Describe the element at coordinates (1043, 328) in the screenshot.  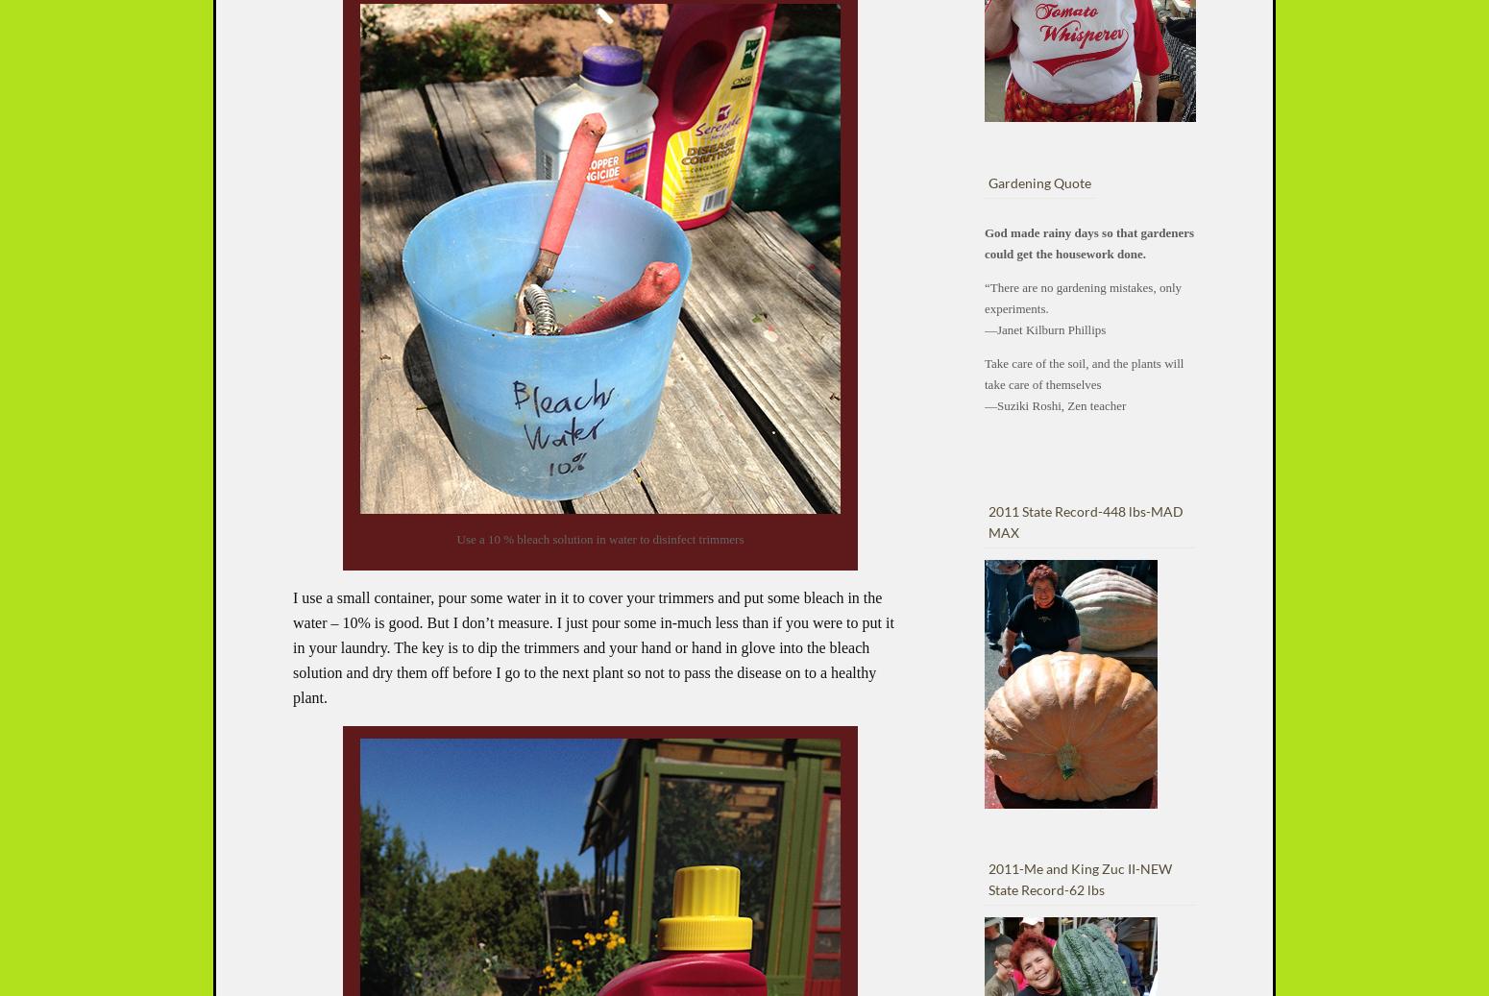
I see `'—Janet Kilburn Phillips'` at that location.